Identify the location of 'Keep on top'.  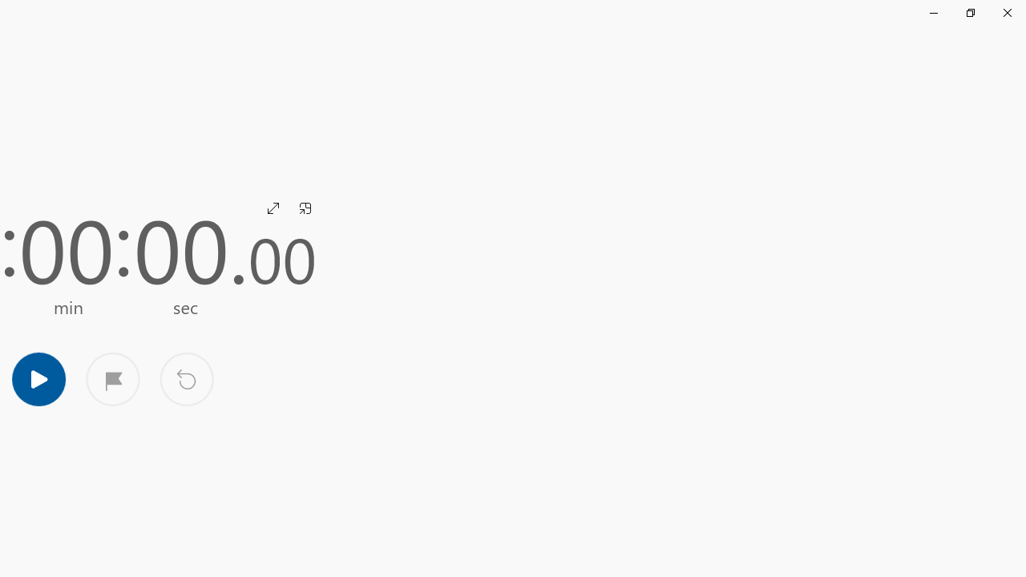
(305, 207).